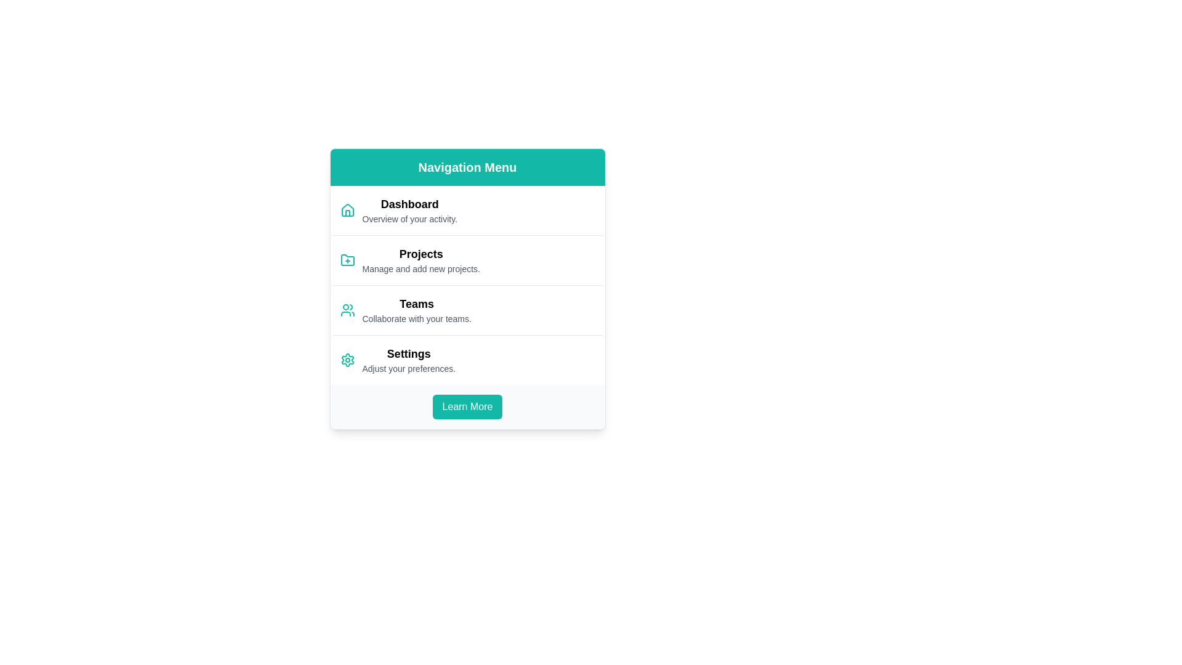 The image size is (1182, 665). What do you see at coordinates (347, 210) in the screenshot?
I see `the teal house icon in the navigation menu, which is located to the left of the 'Dashboard' text and above 'Overview of your activity.'` at bounding box center [347, 210].